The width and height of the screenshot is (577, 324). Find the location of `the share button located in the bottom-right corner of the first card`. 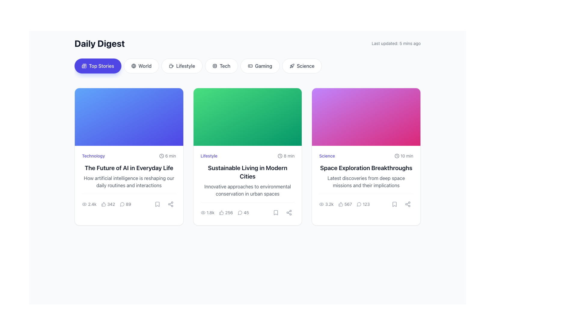

the share button located in the bottom-right corner of the first card is located at coordinates (170, 204).